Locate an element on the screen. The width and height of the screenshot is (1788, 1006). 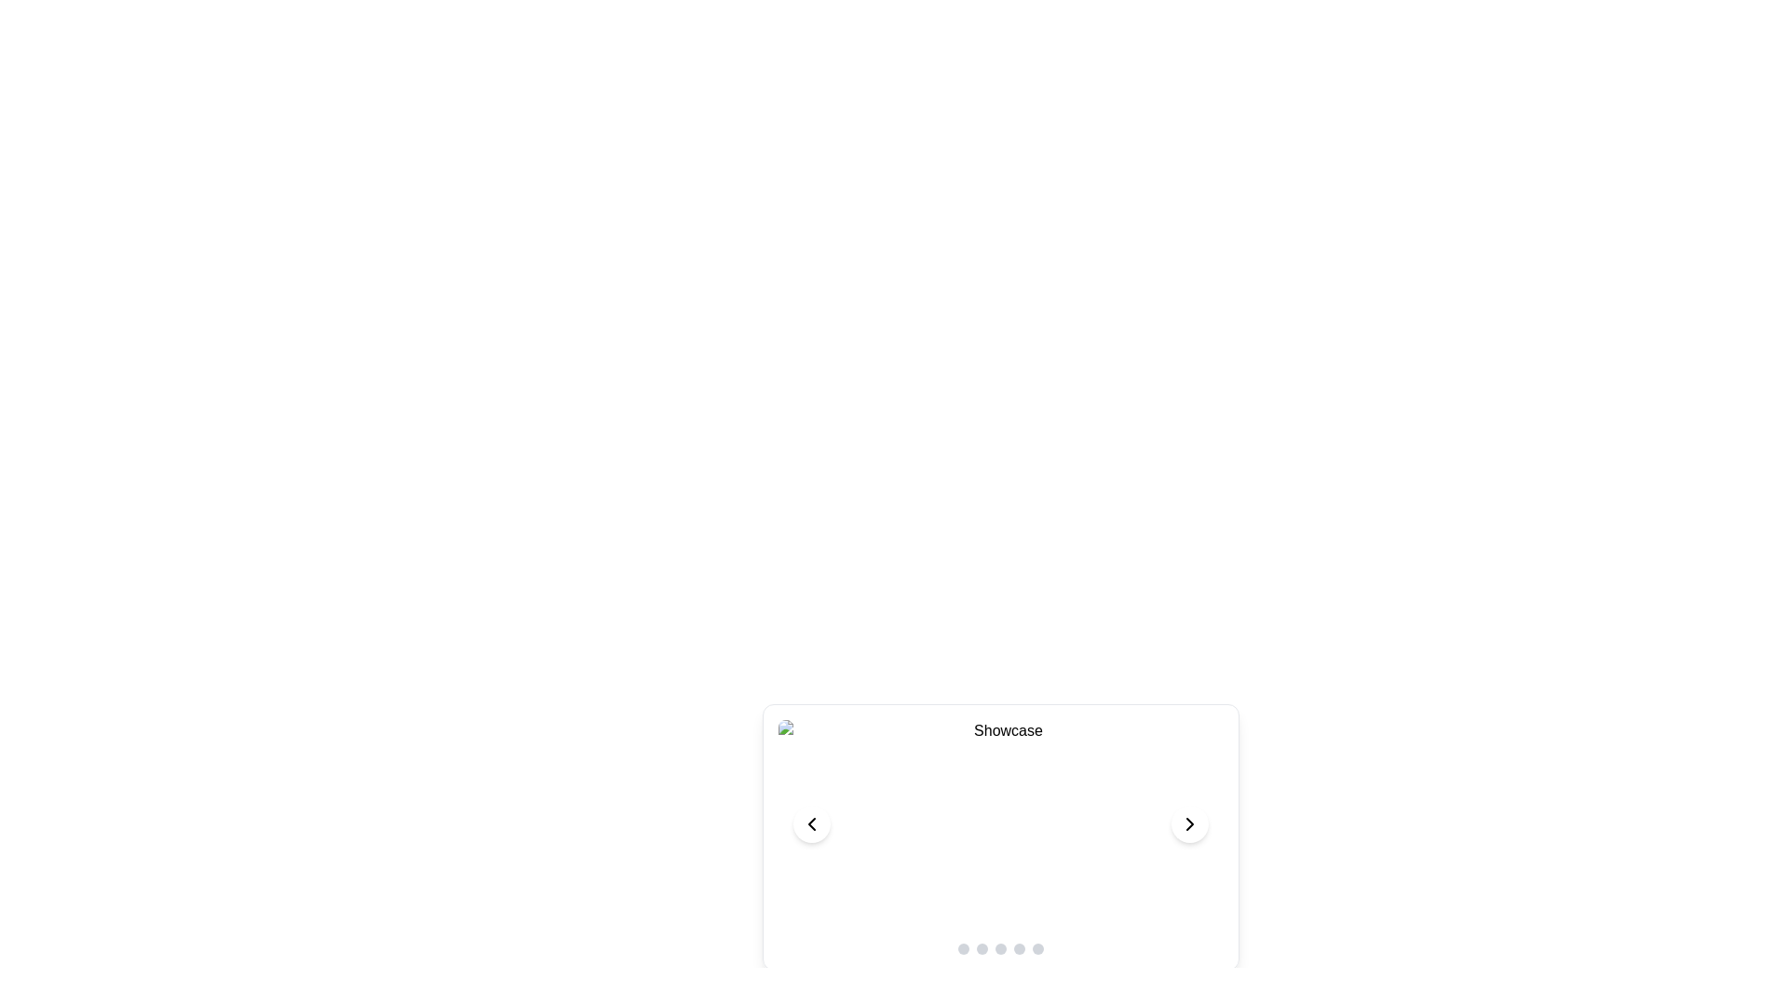
the third circular Indicator Button from the left, which has a light gray background and is part of a sequence of five indicators located beneath the 'Showcase' text is located at coordinates (1000, 948).